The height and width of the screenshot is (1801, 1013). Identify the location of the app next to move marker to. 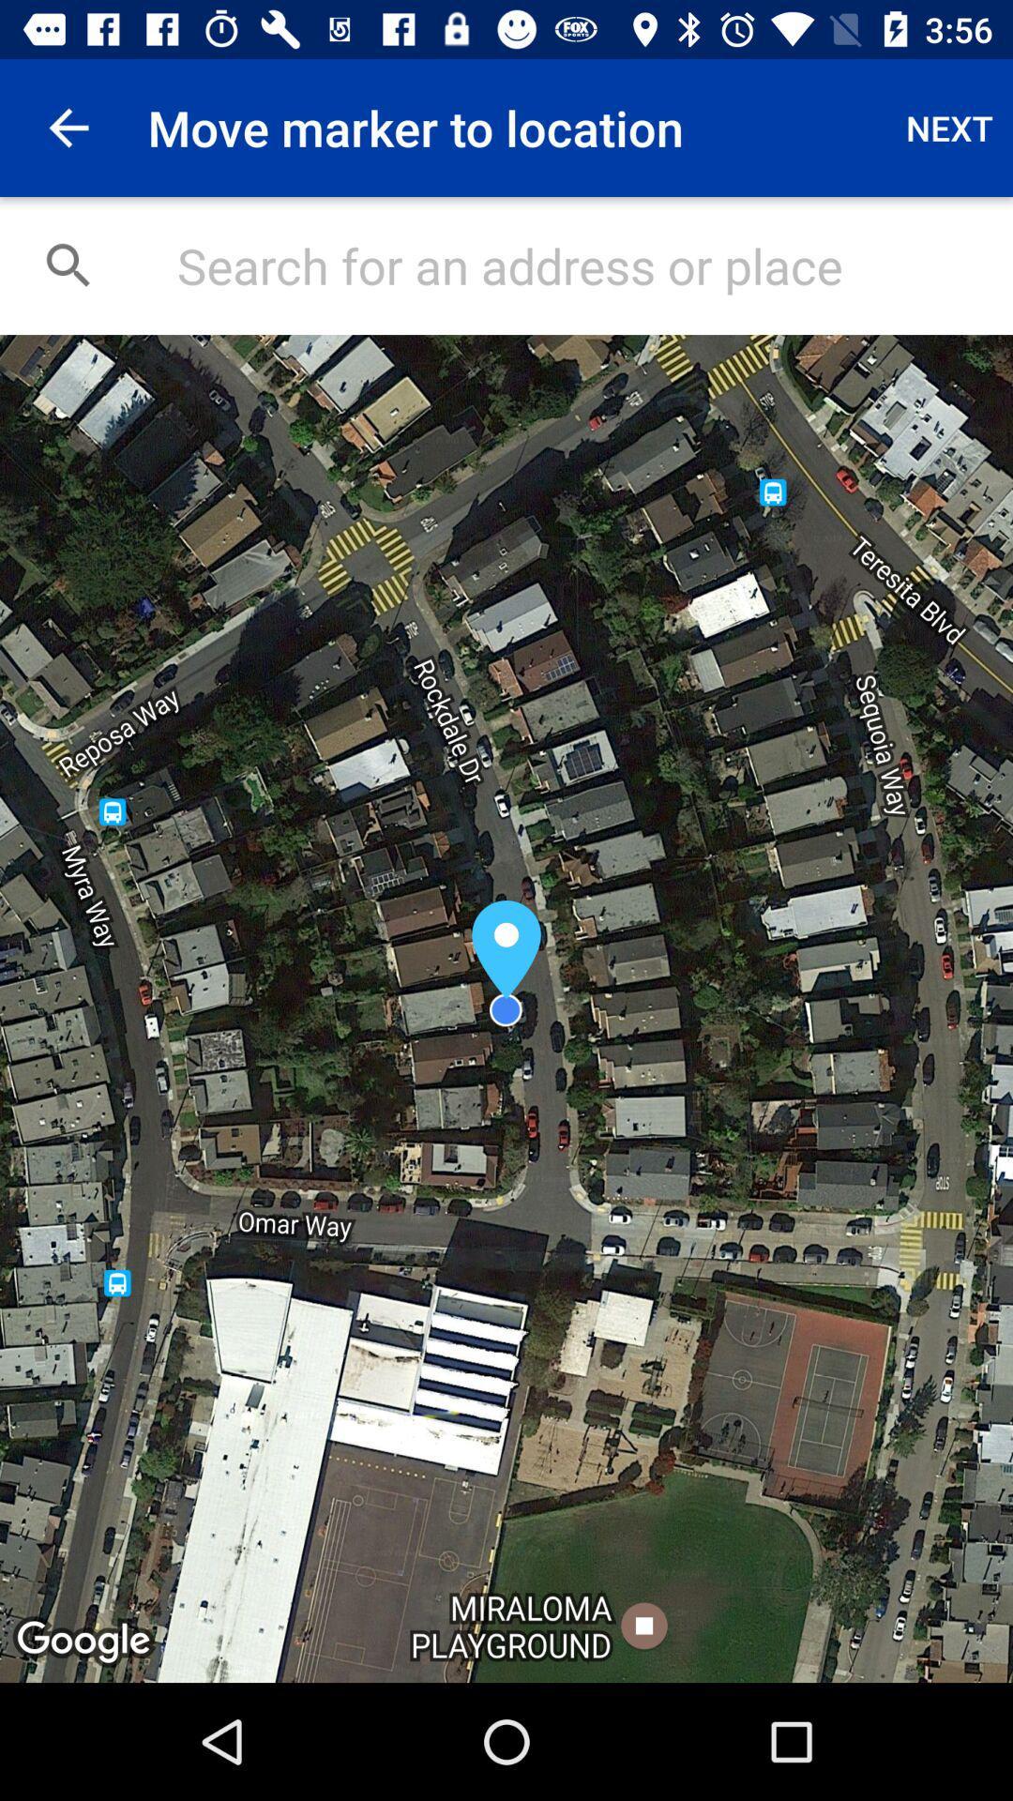
(949, 127).